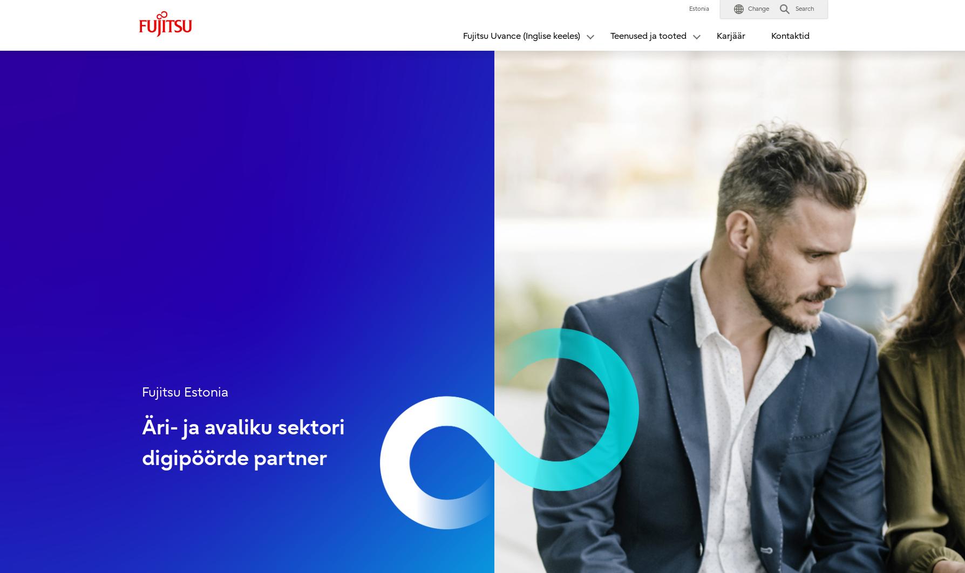 The image size is (965, 573). Describe the element at coordinates (688, 9) in the screenshot. I see `'Estonia'` at that location.